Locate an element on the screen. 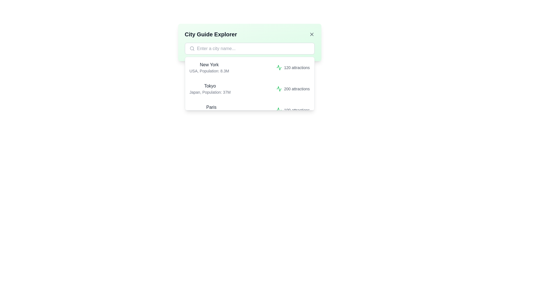  the third list item under the 'City Guide Explorer' dropdown menu is located at coordinates (249, 110).